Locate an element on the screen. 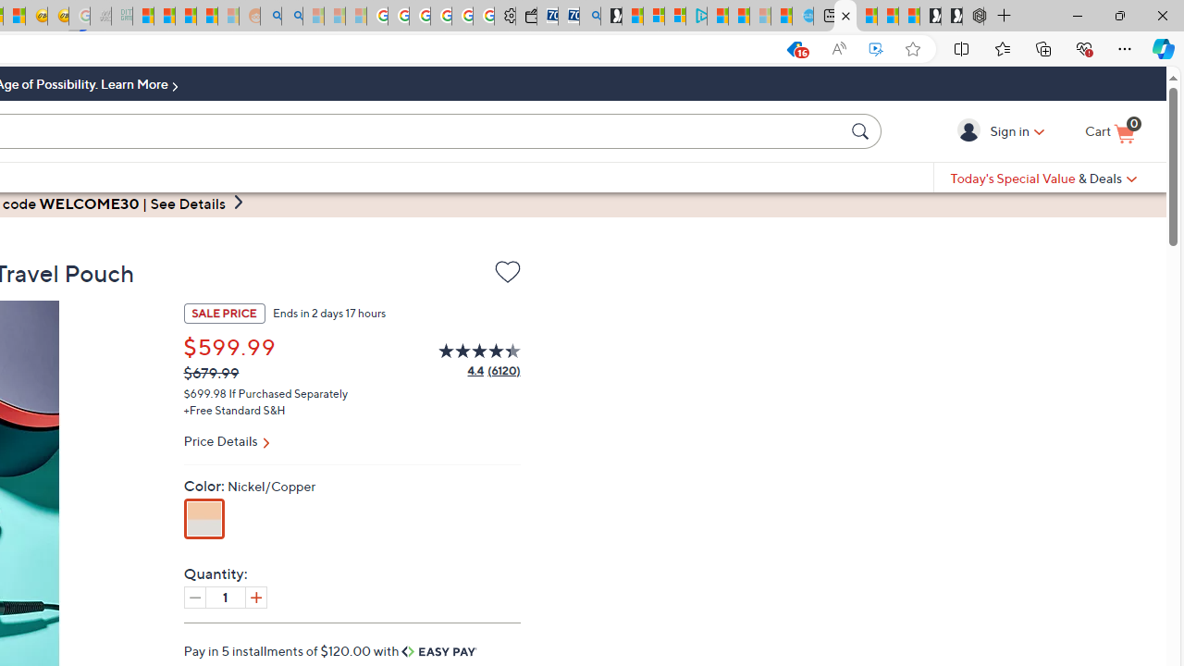 The image size is (1184, 666). 'Bing Real Estate - Home sales and rental listings' is located at coordinates (589, 16).